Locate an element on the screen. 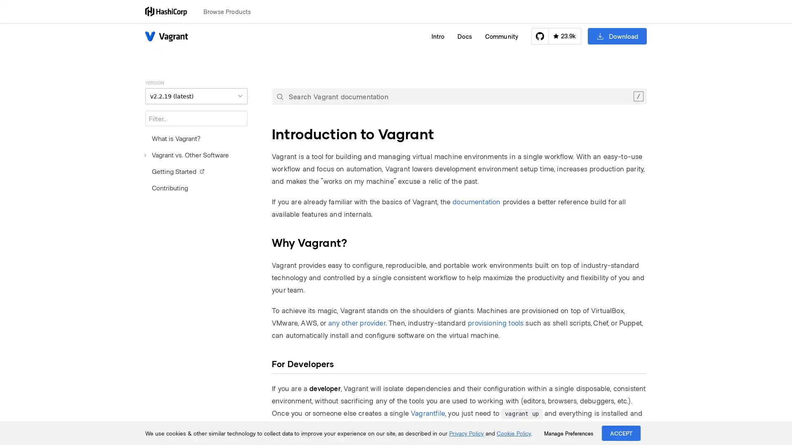 This screenshot has height=445, width=792. Vagrant vs. Other Software is located at coordinates (186, 155).